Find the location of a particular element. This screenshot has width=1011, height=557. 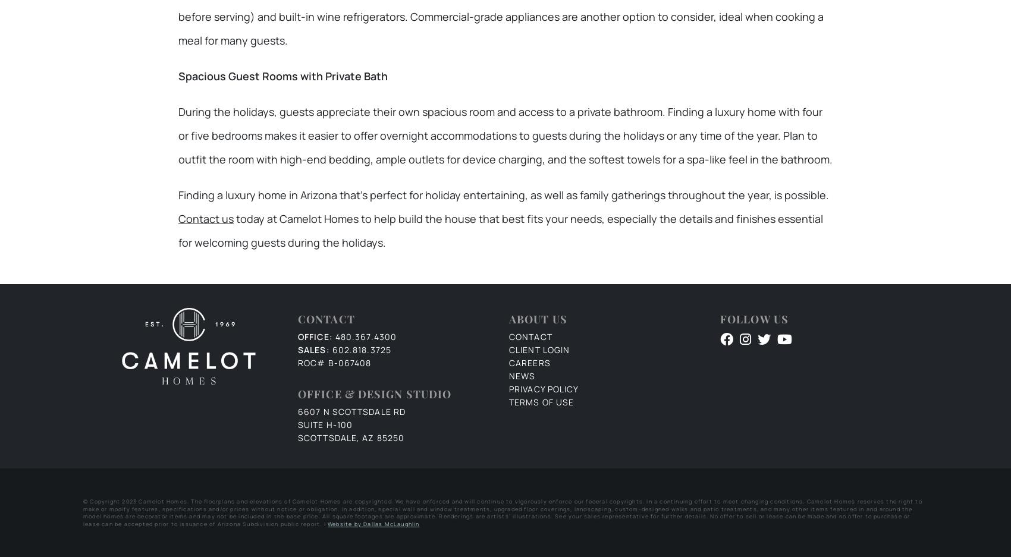

'Suite H-100' is located at coordinates (297, 424).